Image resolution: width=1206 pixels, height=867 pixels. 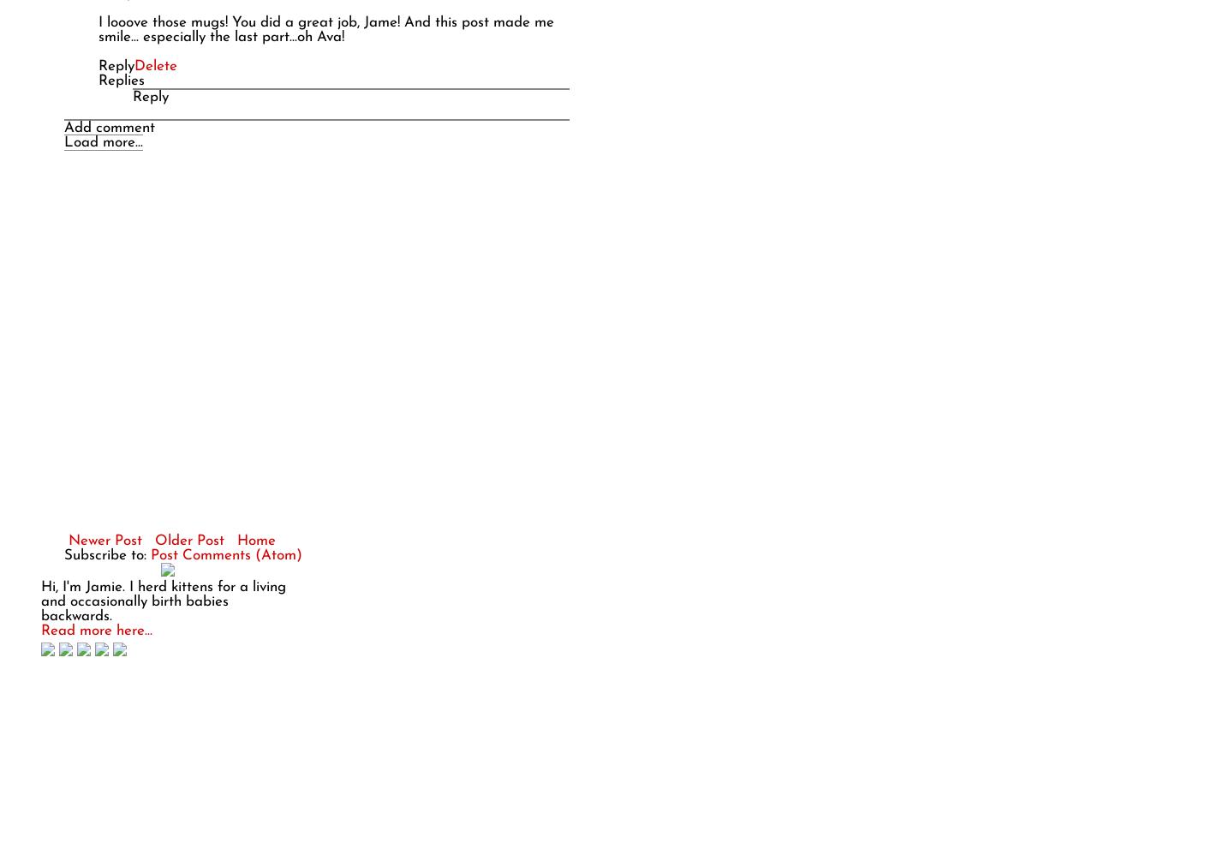 I want to click on 'Load more...', so click(x=103, y=141).